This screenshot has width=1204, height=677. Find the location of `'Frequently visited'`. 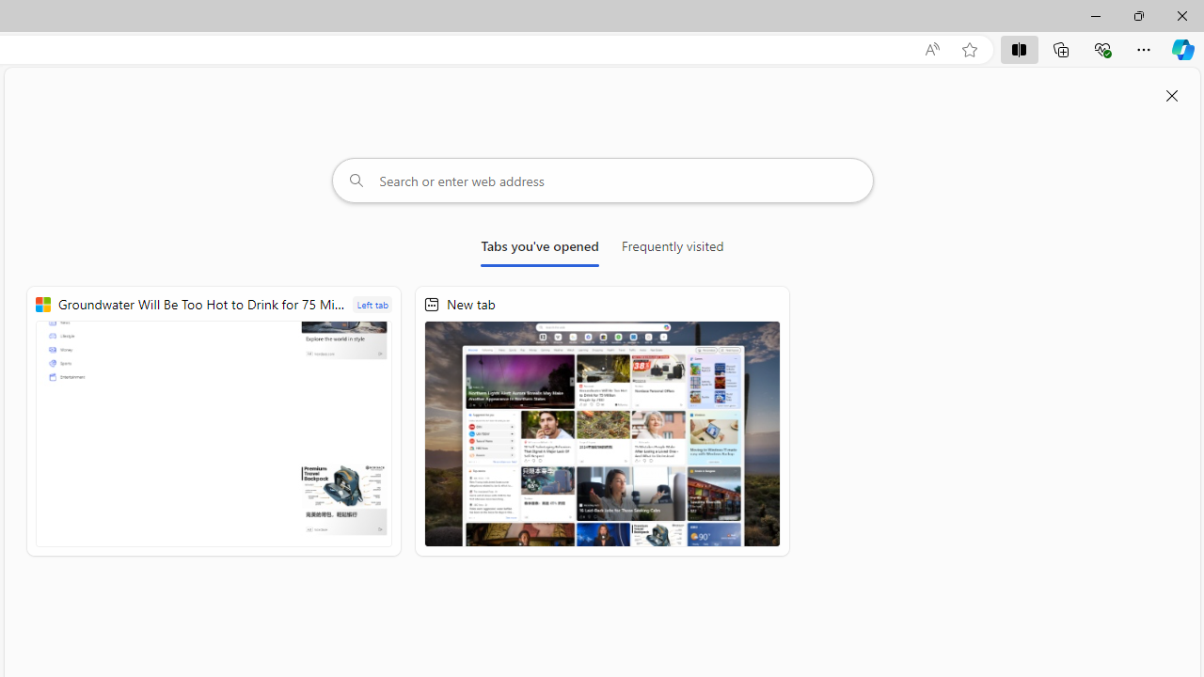

'Frequently visited' is located at coordinates (673, 249).